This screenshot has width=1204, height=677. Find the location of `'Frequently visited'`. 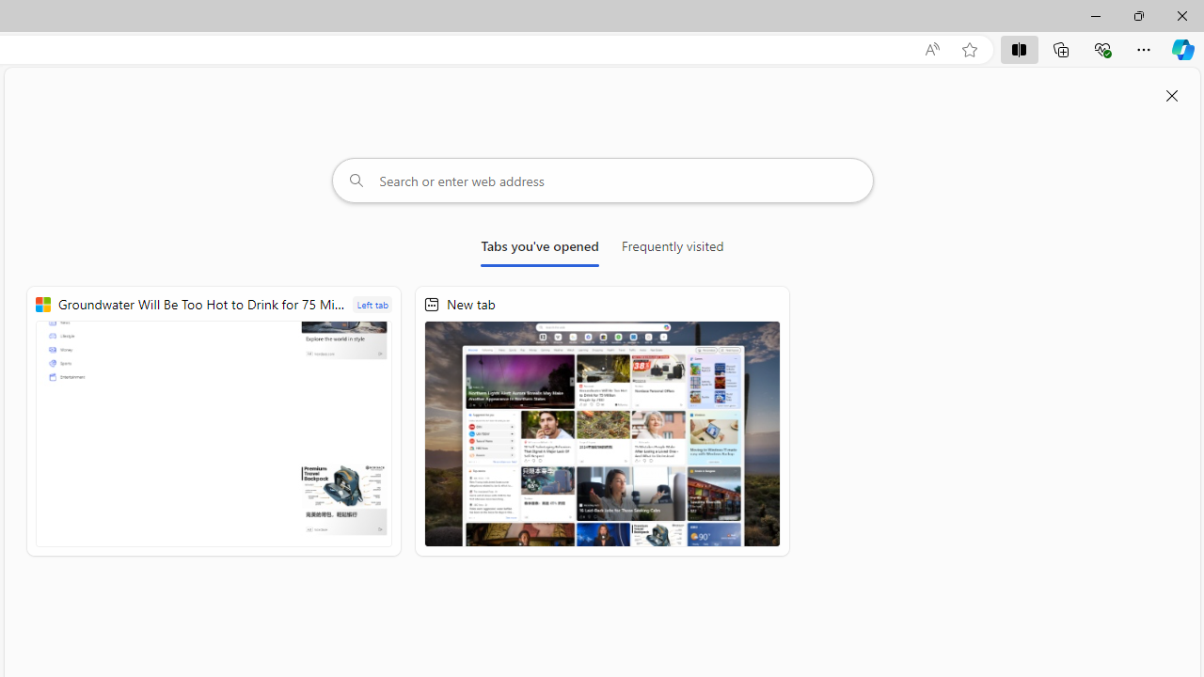

'Frequently visited' is located at coordinates (673, 249).